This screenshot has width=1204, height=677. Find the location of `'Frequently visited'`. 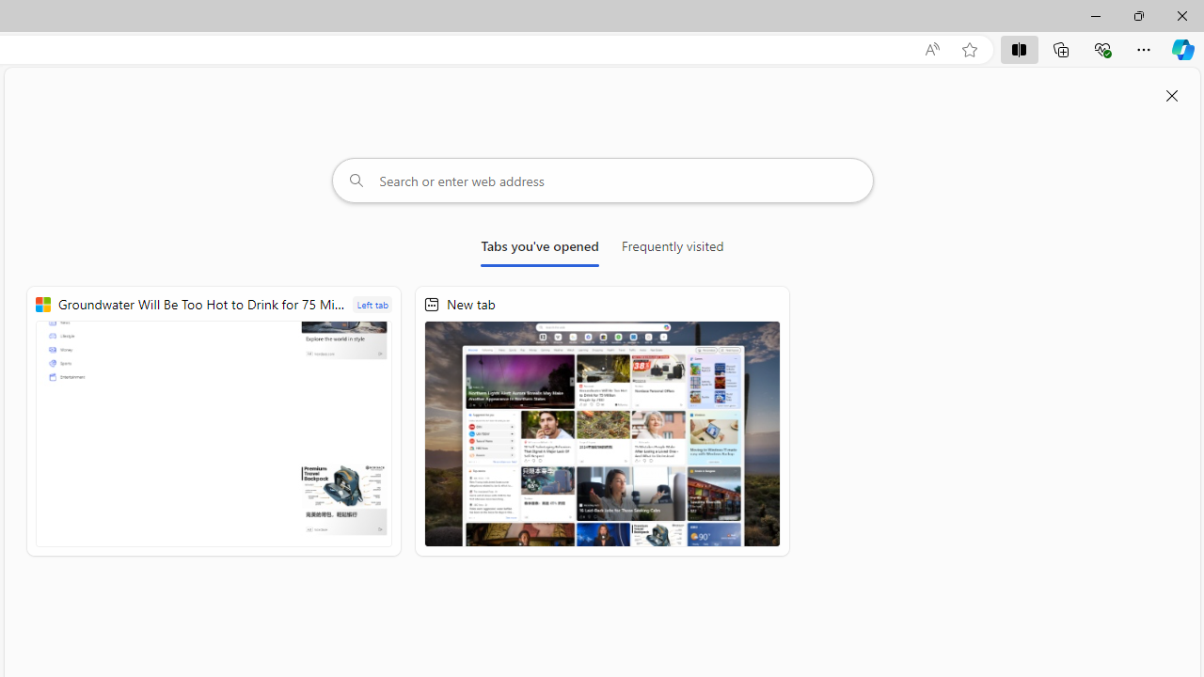

'Frequently visited' is located at coordinates (673, 249).